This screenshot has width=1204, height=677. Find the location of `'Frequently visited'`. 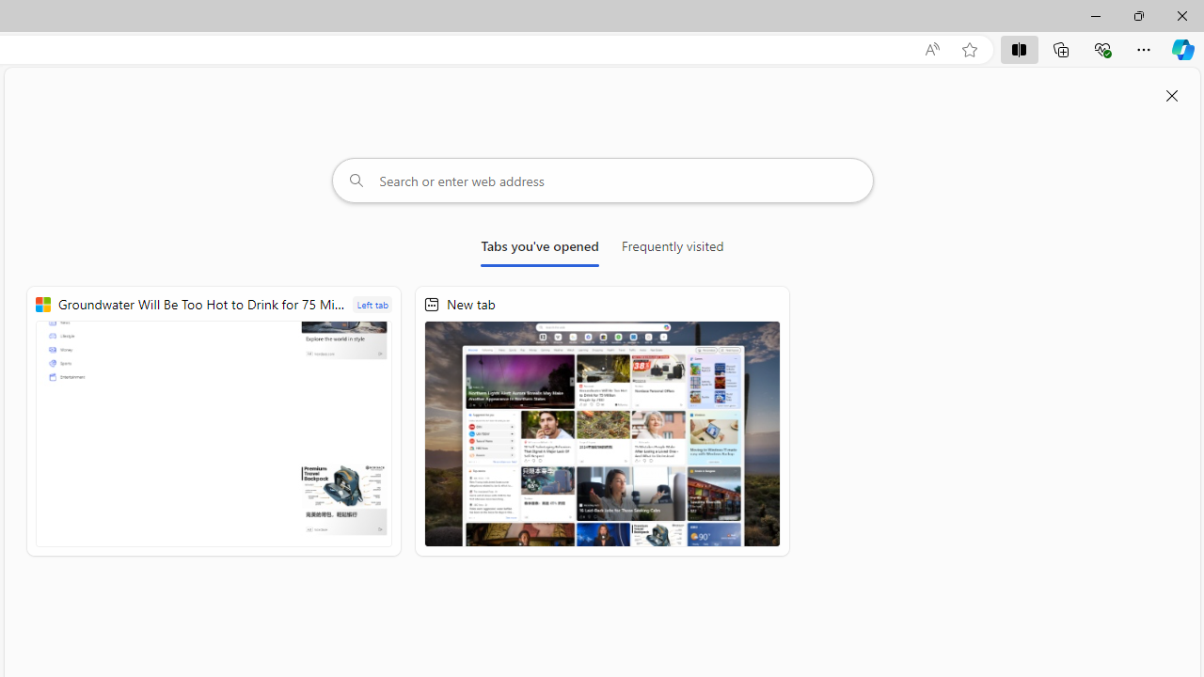

'Frequently visited' is located at coordinates (673, 249).